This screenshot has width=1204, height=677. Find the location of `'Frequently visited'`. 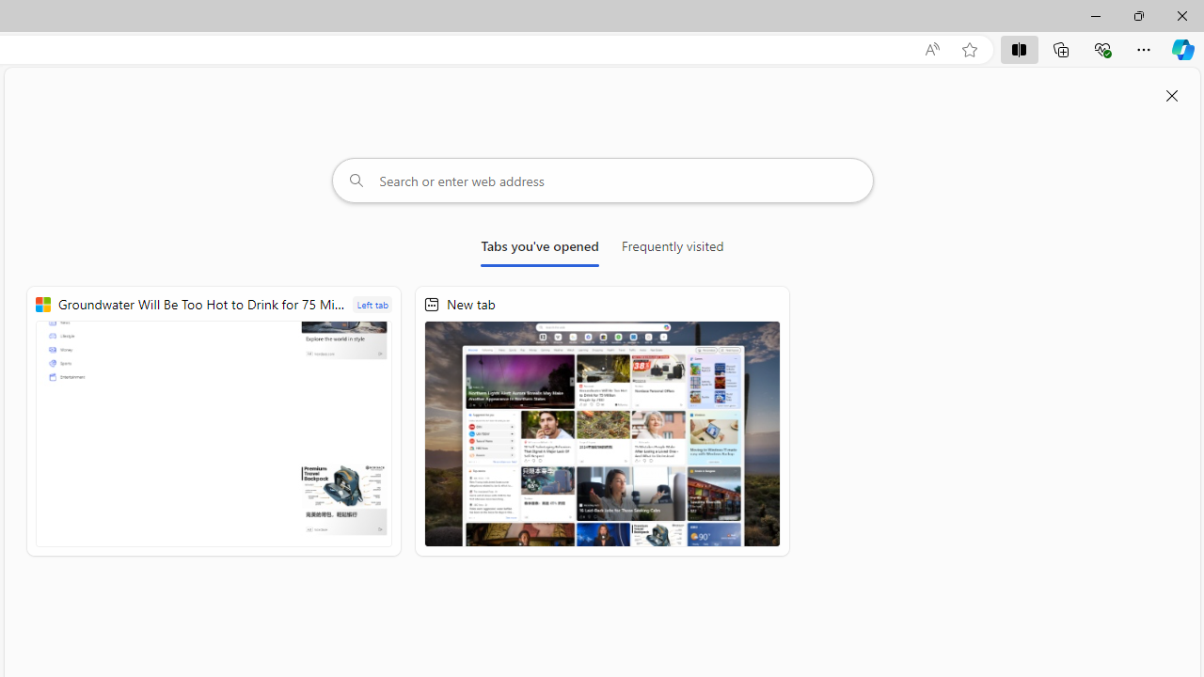

'Frequently visited' is located at coordinates (673, 249).